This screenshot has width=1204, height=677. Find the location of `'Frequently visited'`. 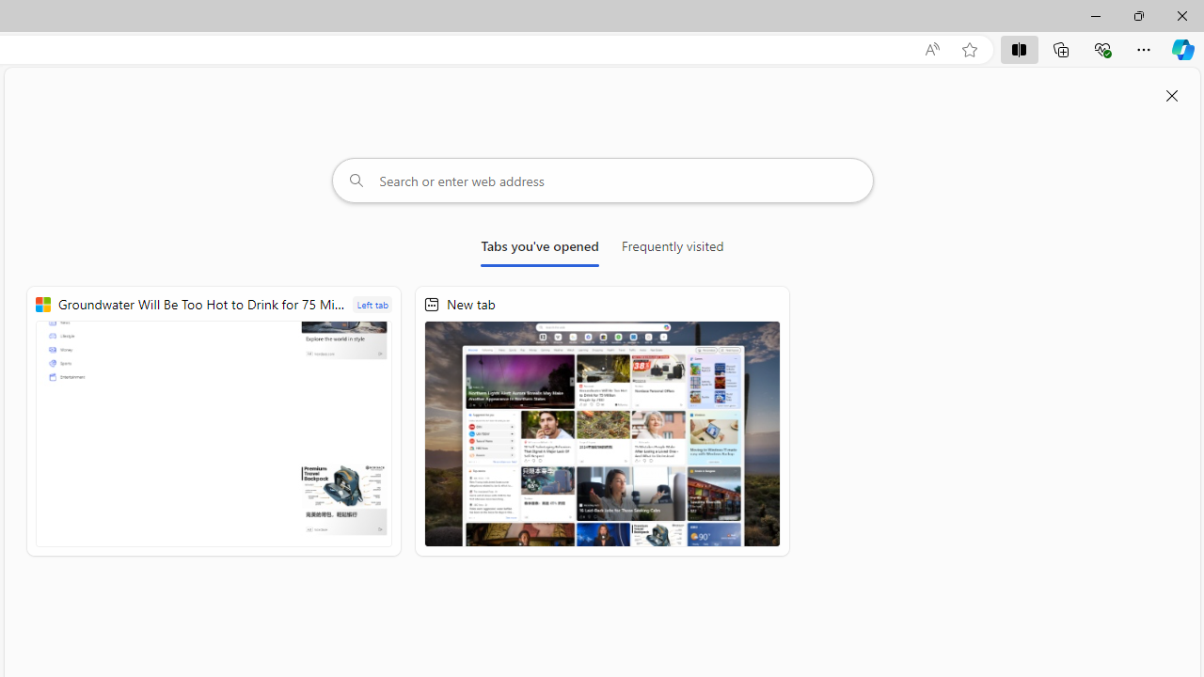

'Frequently visited' is located at coordinates (673, 249).